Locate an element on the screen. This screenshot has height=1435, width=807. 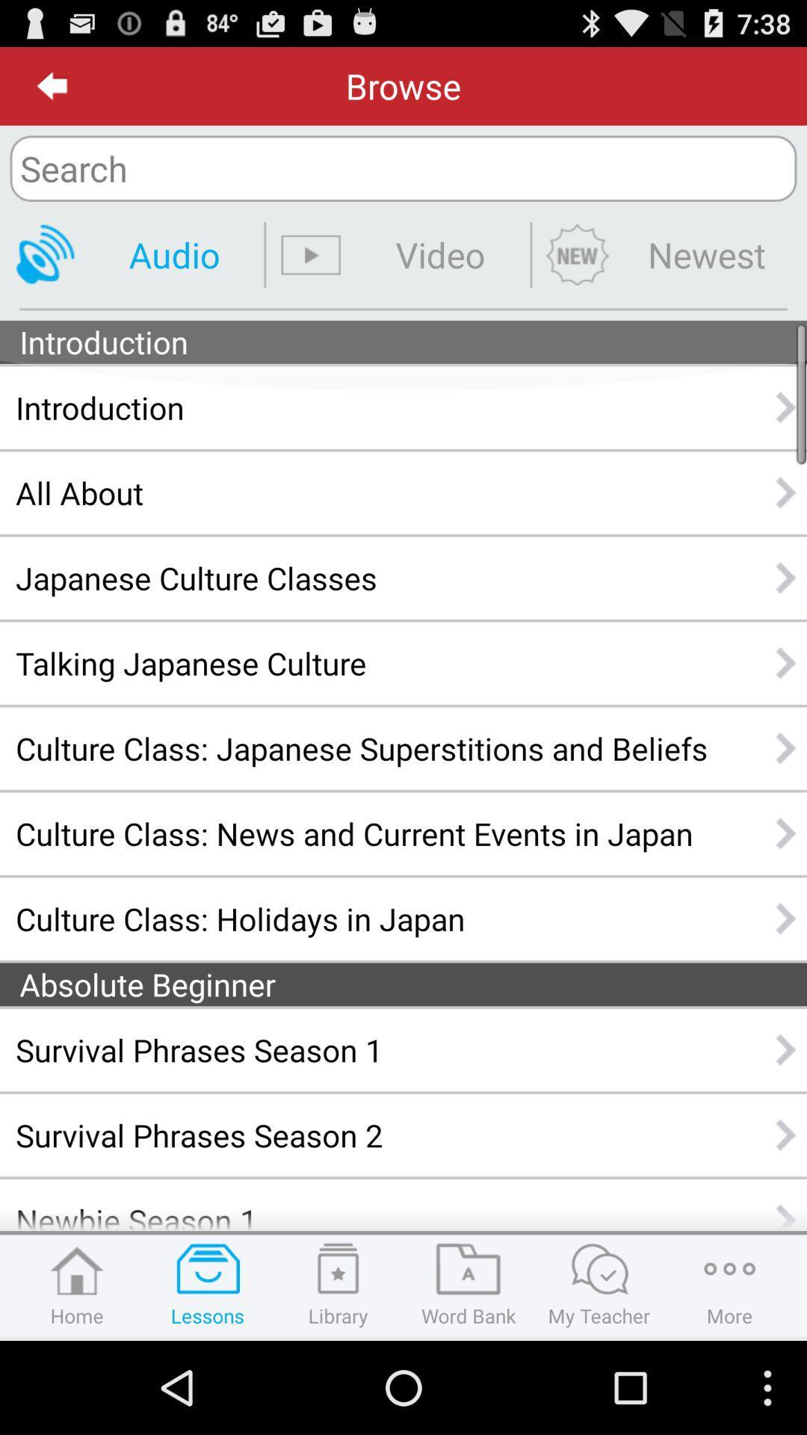
the icon above library is located at coordinates (338, 1268).